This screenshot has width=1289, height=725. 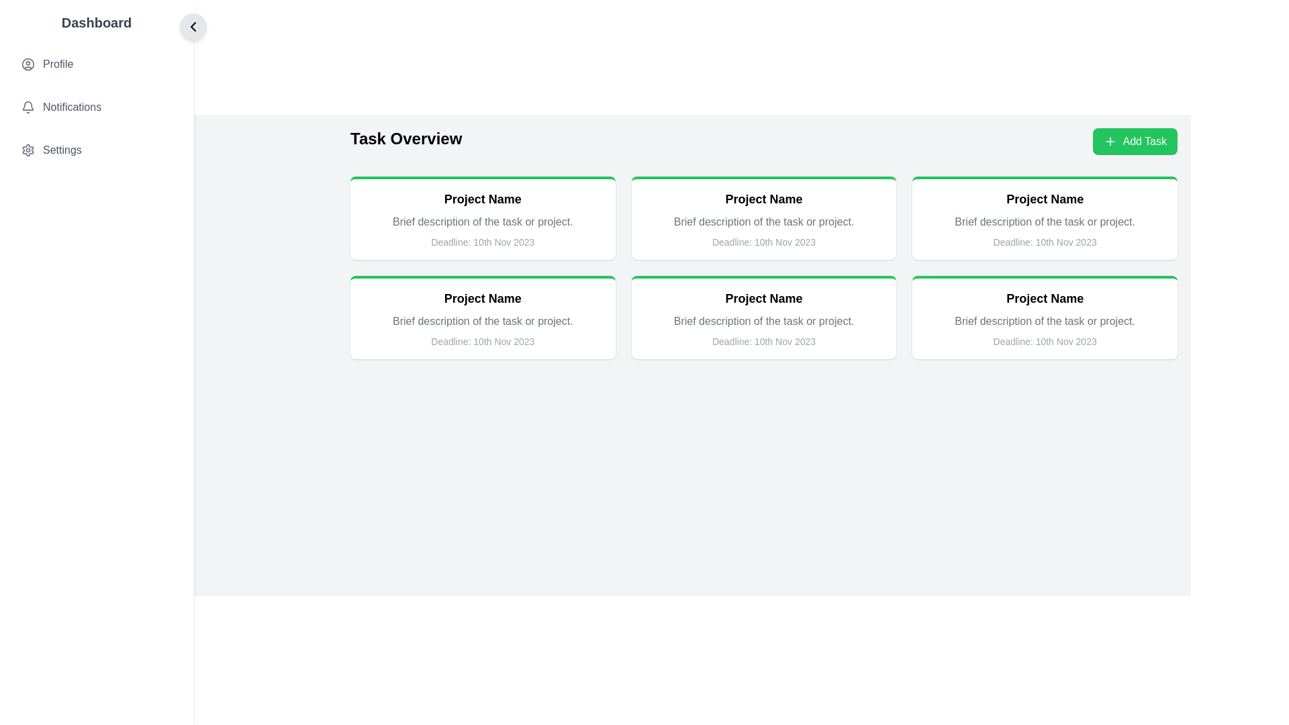 I want to click on the text label displaying 'Deadline: 10th Nov 2023', which is located beneath the description of the project within the card titled 'Project Name', so click(x=483, y=242).